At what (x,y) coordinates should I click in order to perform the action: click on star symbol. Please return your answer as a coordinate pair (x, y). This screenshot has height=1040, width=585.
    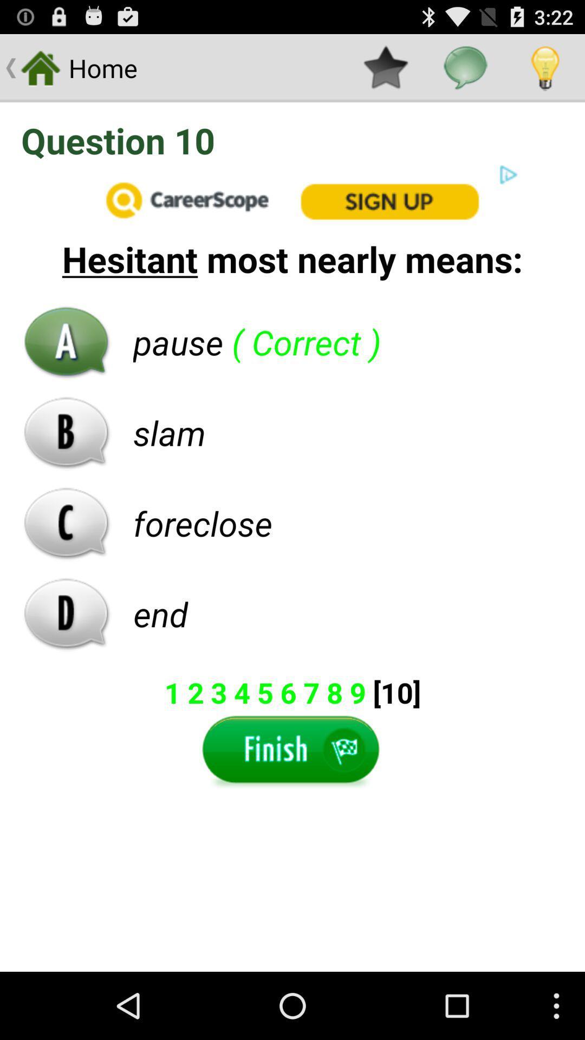
    Looking at the image, I should click on (385, 67).